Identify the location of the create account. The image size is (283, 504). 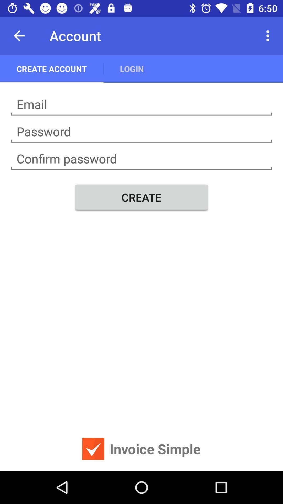
(52, 69).